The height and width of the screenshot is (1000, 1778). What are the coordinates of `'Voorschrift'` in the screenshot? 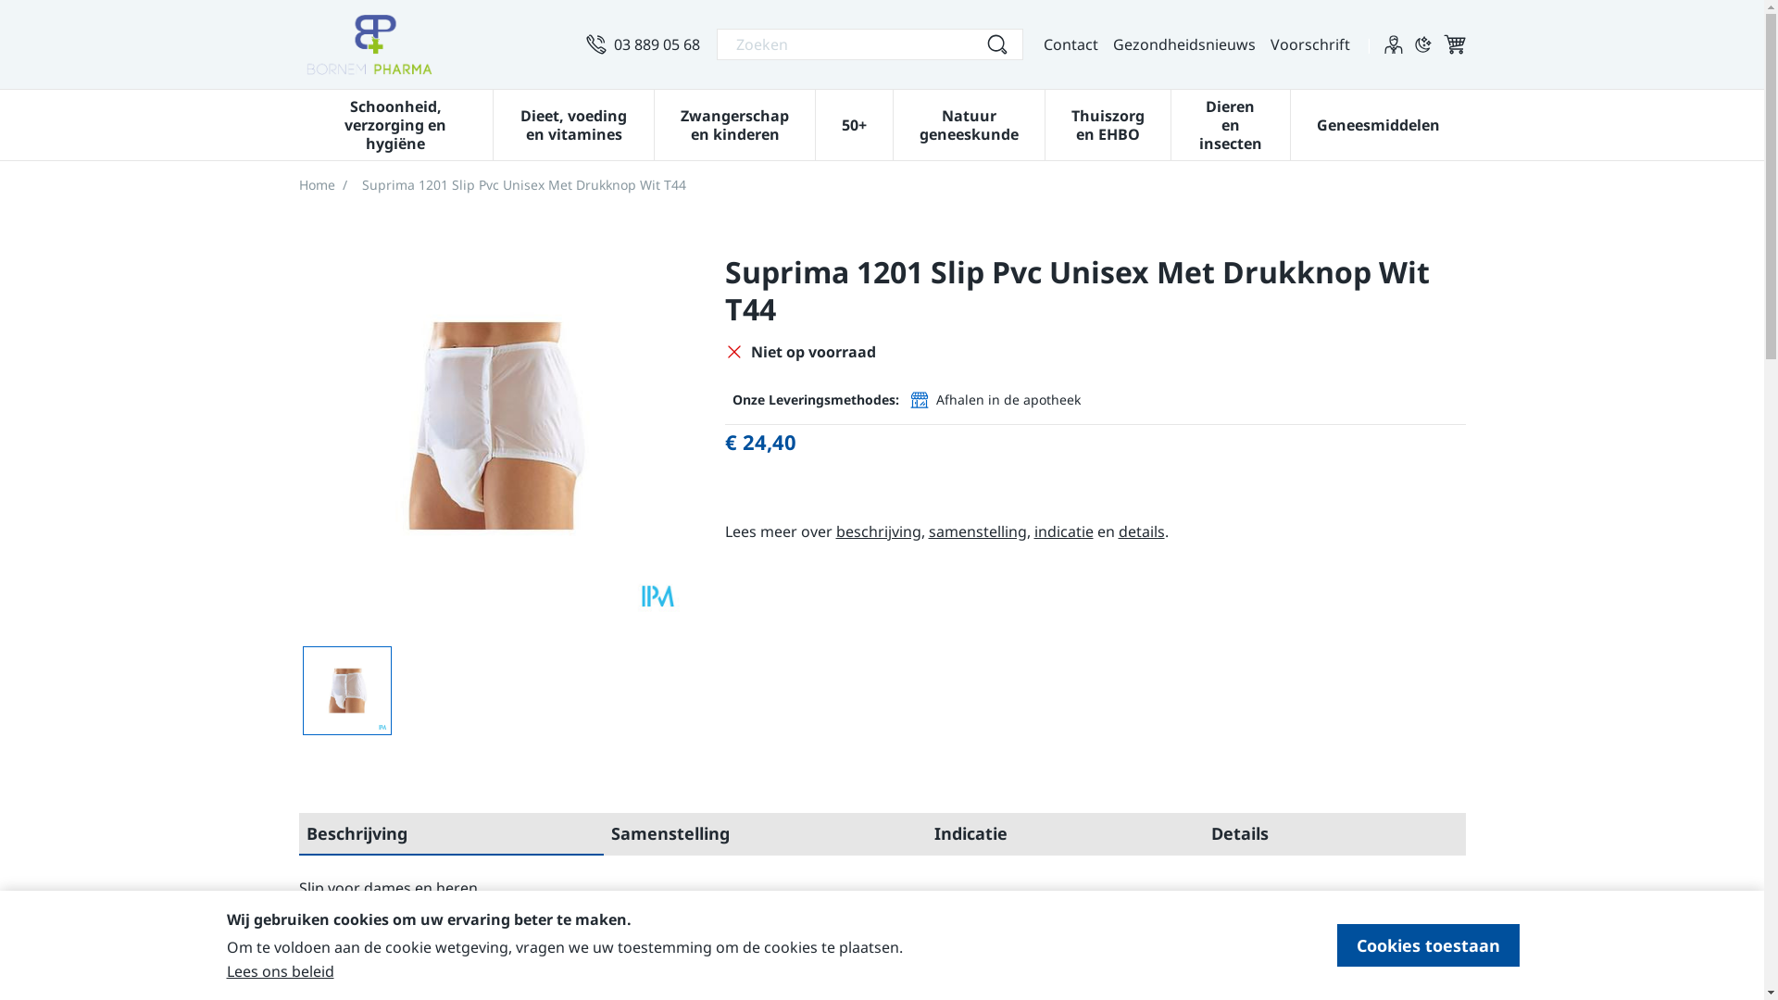 It's located at (1270, 43).